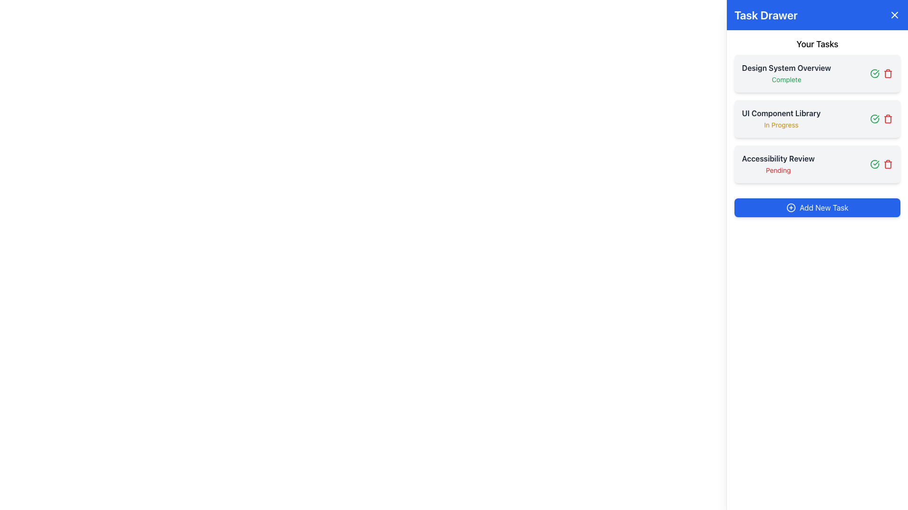 The height and width of the screenshot is (510, 908). What do you see at coordinates (894, 15) in the screenshot?
I see `the close button, represented by a small cross-like icon, located at the top right corner of the blue header bar labeled 'Task Drawer'` at bounding box center [894, 15].